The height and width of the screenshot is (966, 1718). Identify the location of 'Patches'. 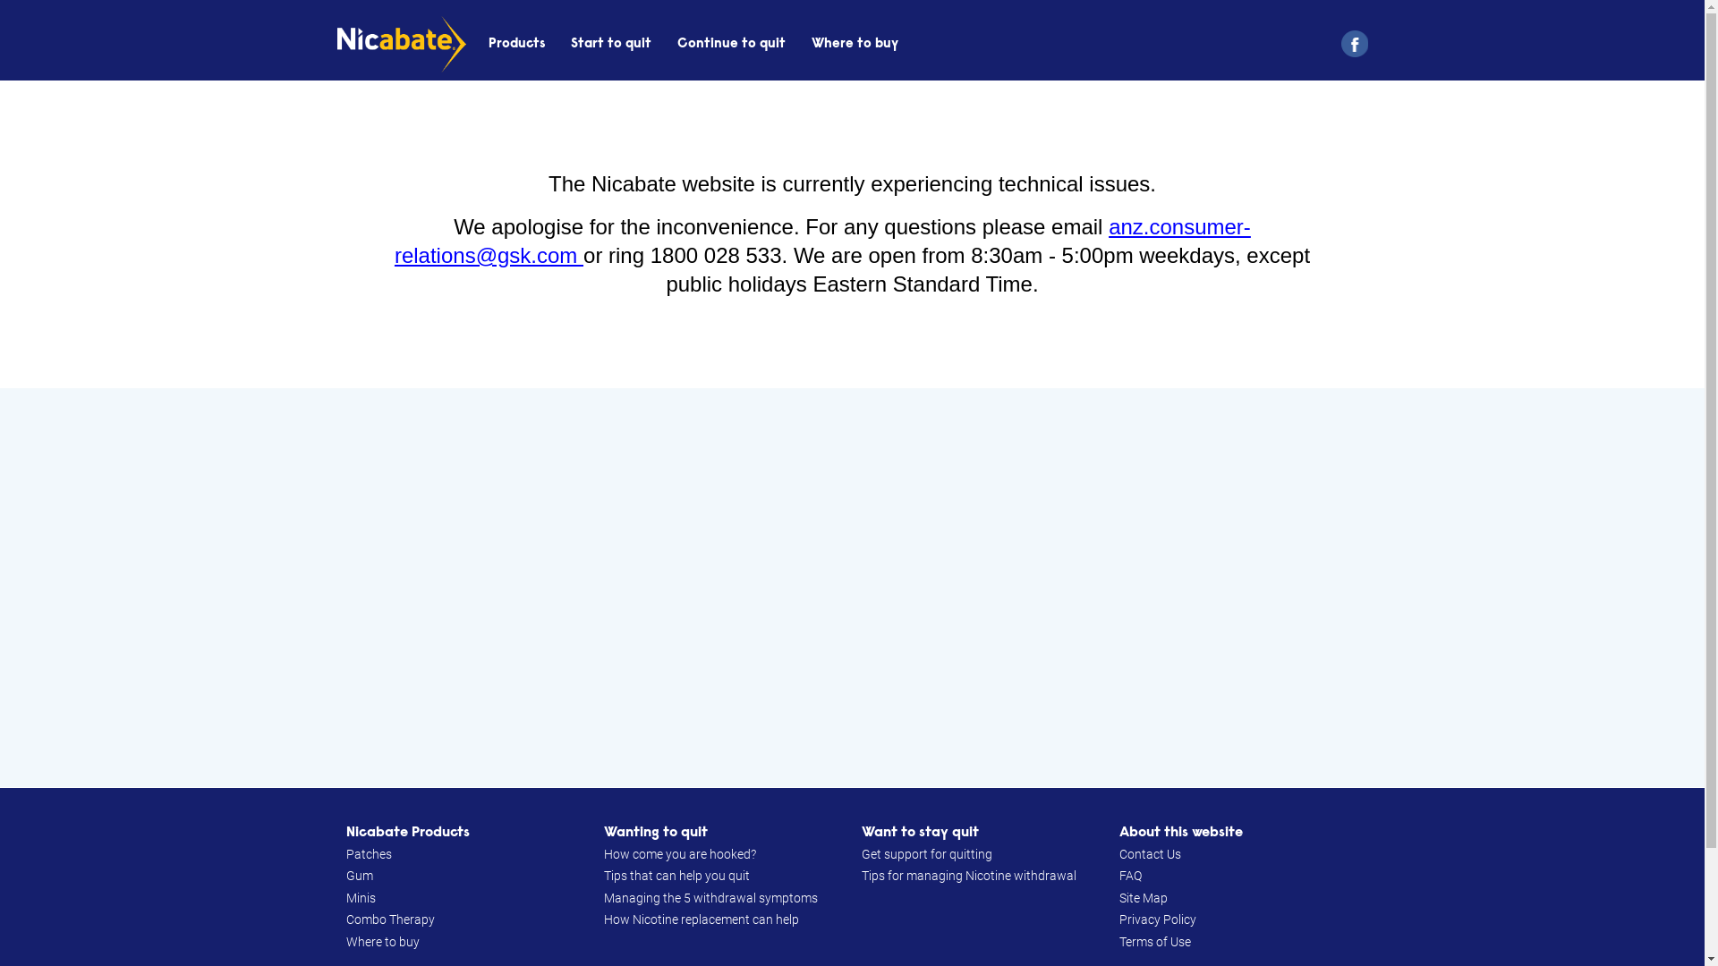
(367, 853).